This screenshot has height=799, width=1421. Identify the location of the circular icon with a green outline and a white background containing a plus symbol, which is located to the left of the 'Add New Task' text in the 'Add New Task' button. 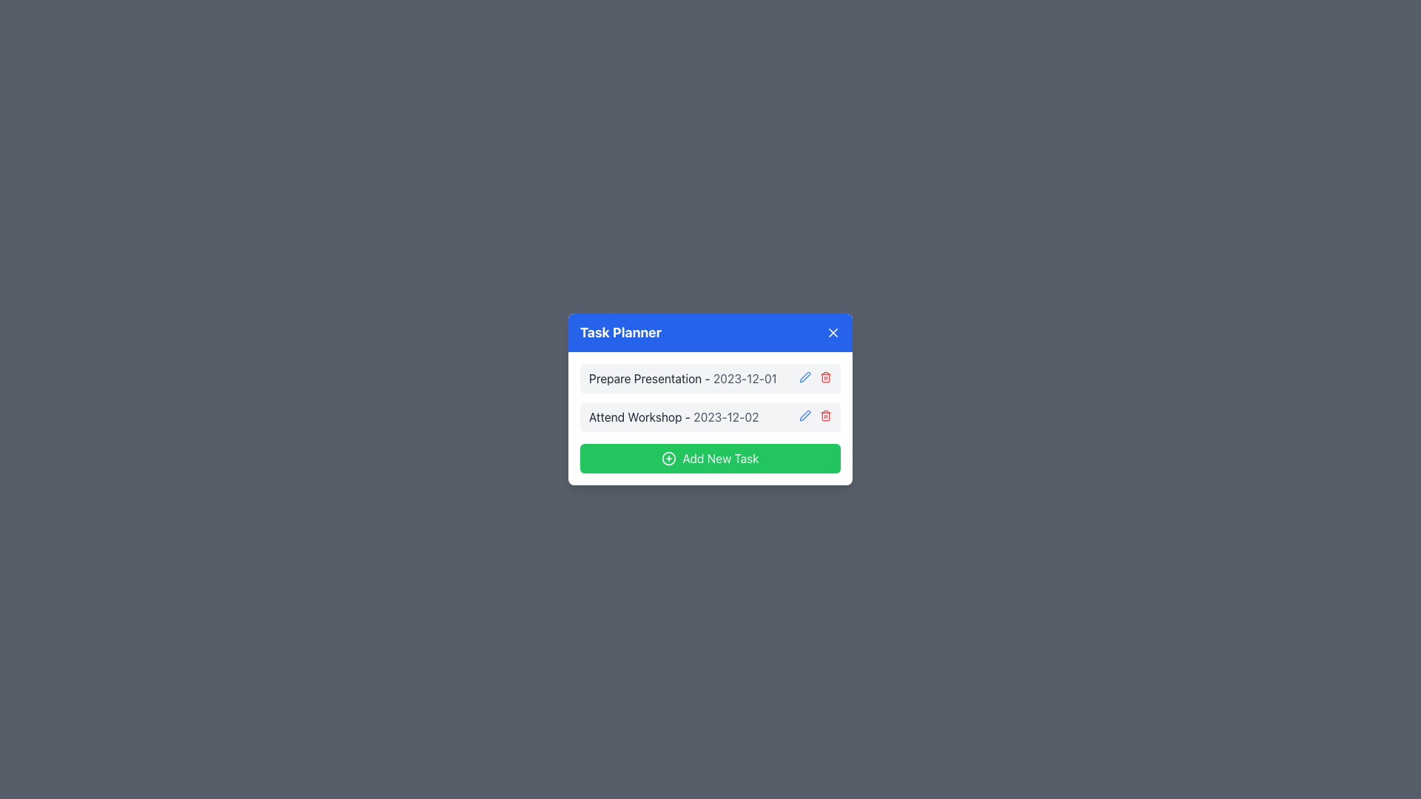
(668, 458).